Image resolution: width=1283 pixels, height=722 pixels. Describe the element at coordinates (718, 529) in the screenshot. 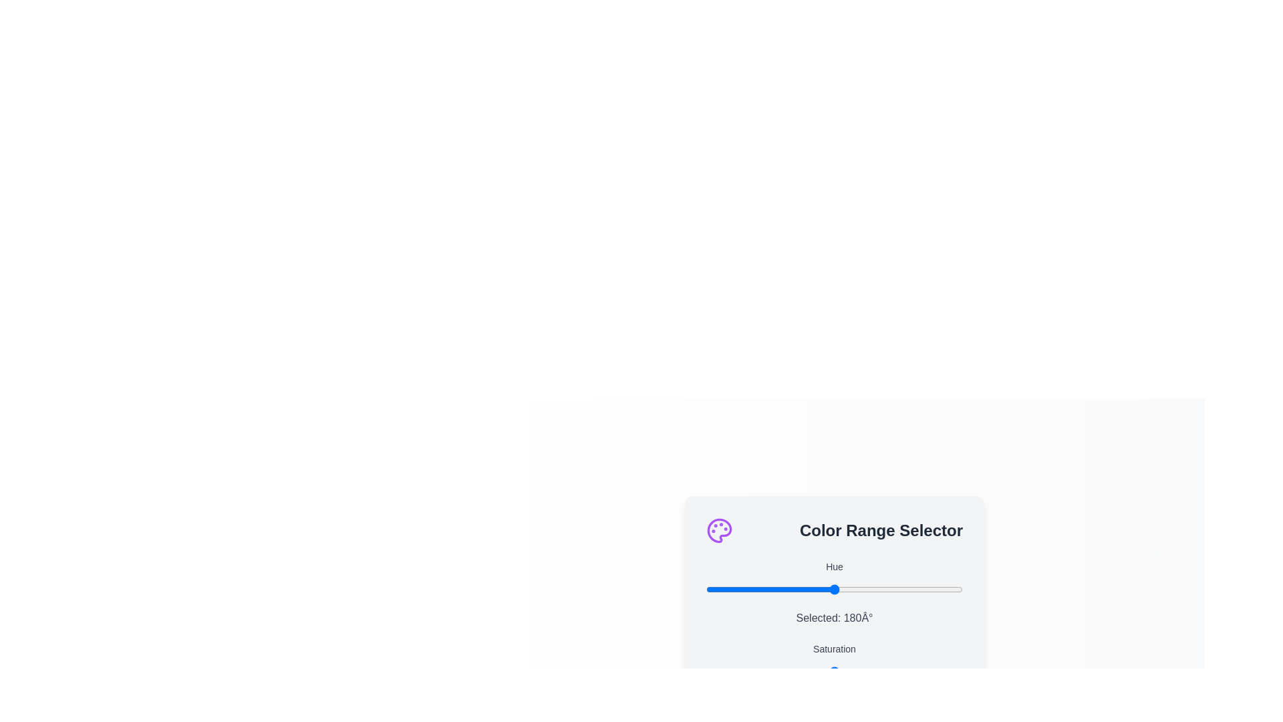

I see `the painter's palette icon with a purple outline located in the top center-right part of the 'Color Range Selector' panel` at that location.